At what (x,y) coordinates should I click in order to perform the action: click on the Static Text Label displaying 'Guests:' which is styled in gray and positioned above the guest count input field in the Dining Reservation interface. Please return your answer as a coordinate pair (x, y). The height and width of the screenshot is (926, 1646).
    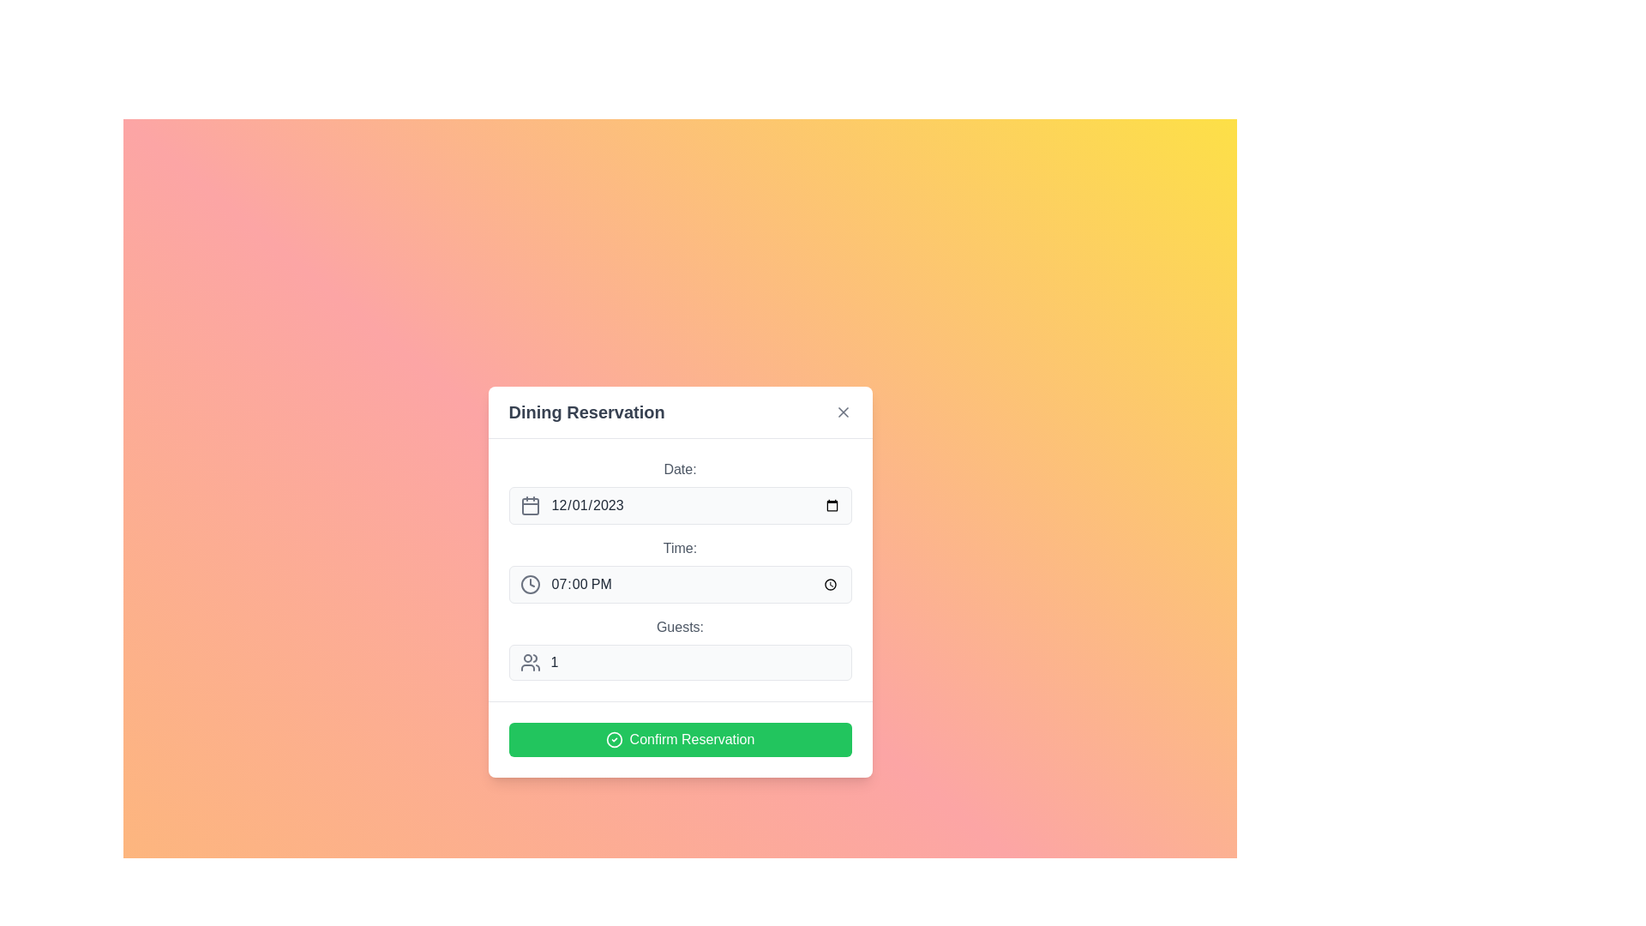
    Looking at the image, I should click on (679, 628).